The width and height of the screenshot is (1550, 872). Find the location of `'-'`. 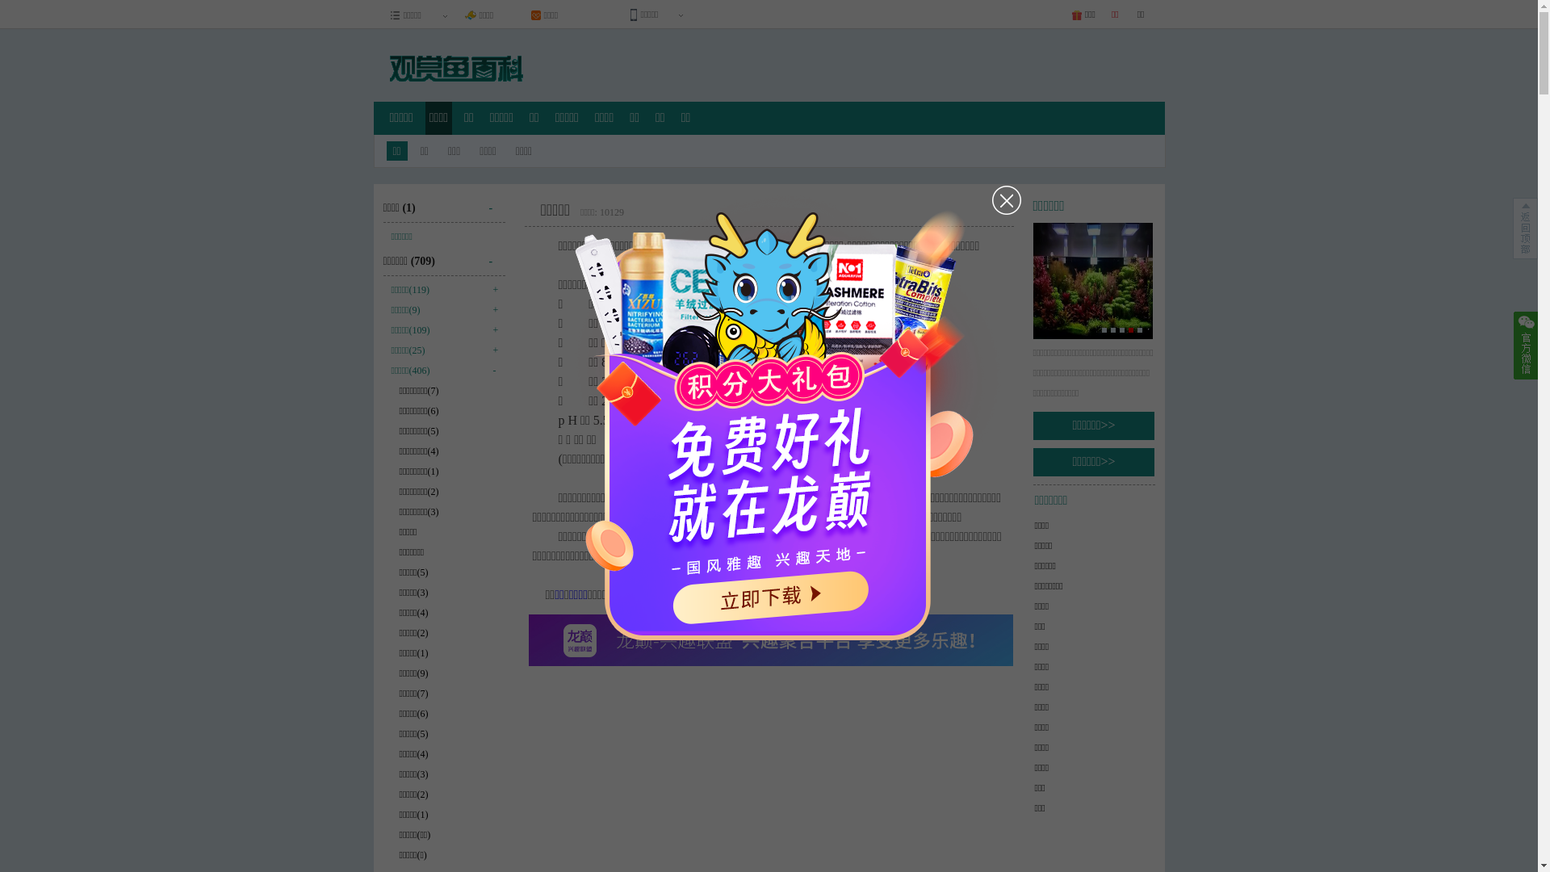

'-' is located at coordinates (496, 254).